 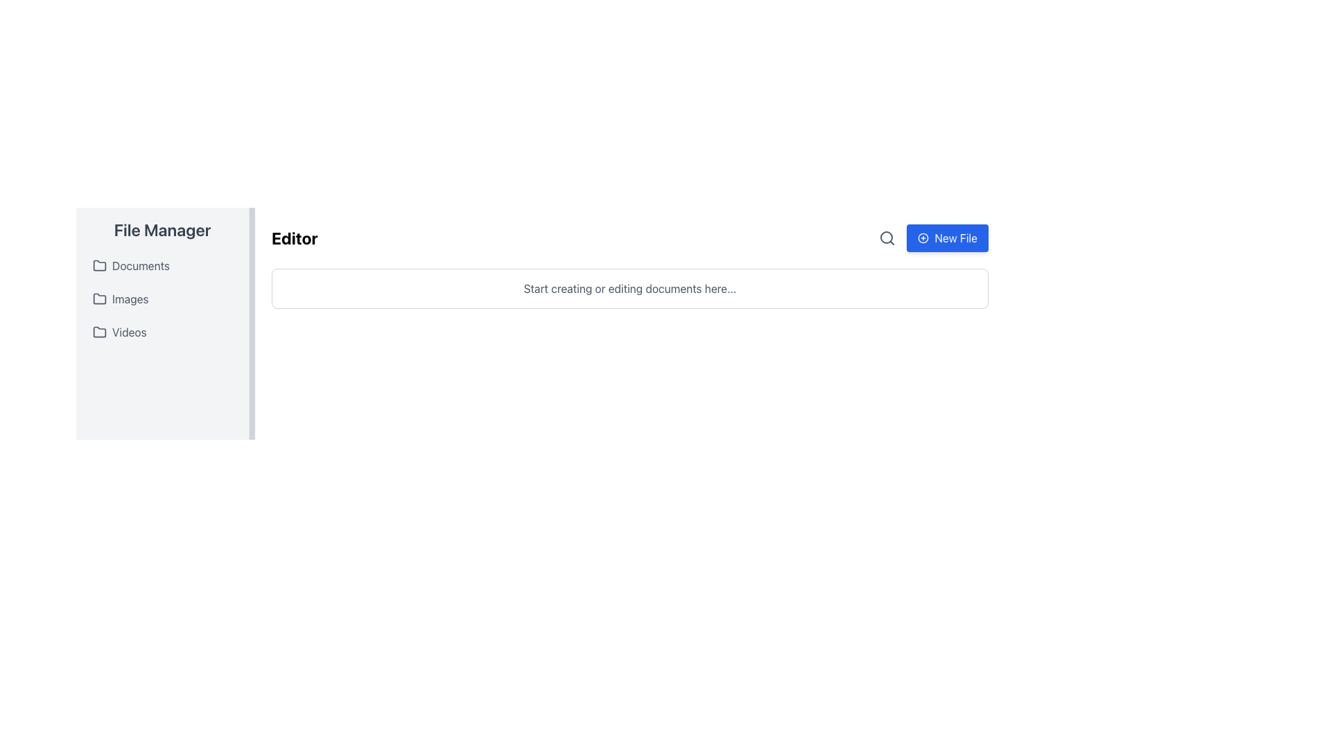 What do you see at coordinates (99, 331) in the screenshot?
I see `the folder icon located to the left of the 'Videos' label in the file manager interface` at bounding box center [99, 331].